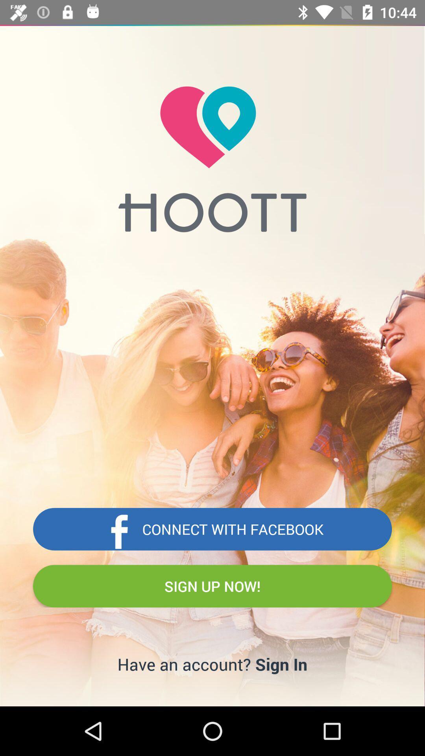 The width and height of the screenshot is (425, 756). What do you see at coordinates (281, 663) in the screenshot?
I see `item next to have an account? item` at bounding box center [281, 663].